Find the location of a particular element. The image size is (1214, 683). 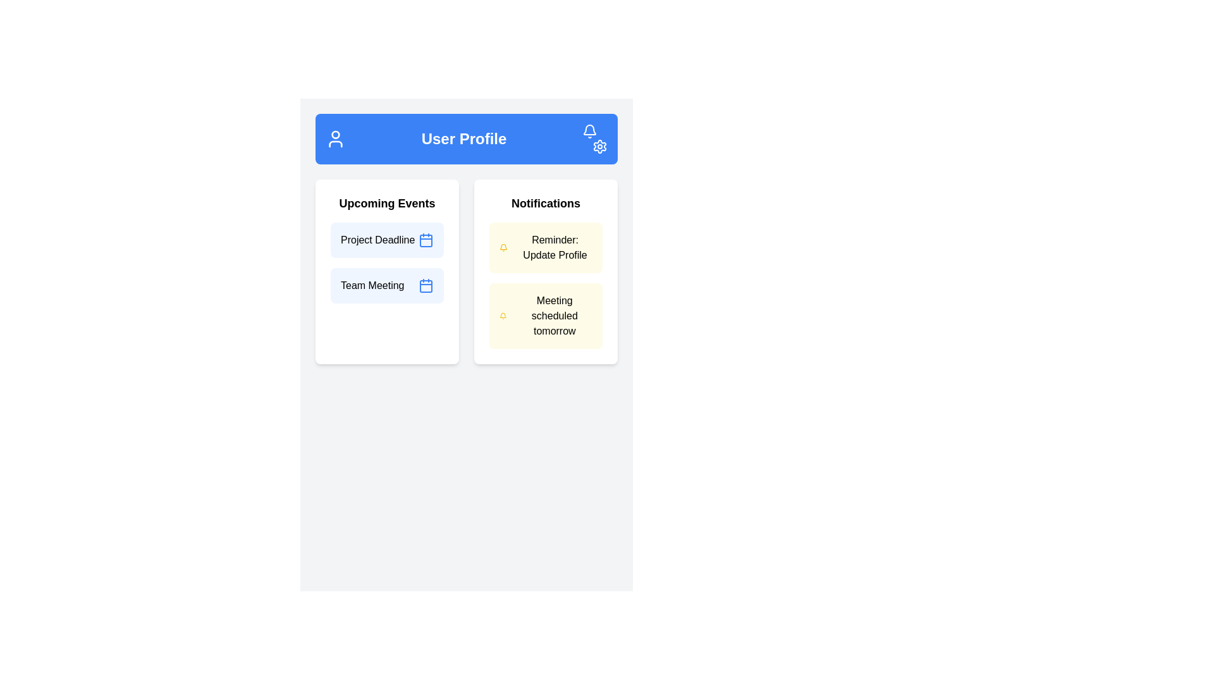

the lower part of the user icon, which is represented by a semi-circular arc, located to the left of the 'User Profile' text on the blue background header area is located at coordinates (336, 143).